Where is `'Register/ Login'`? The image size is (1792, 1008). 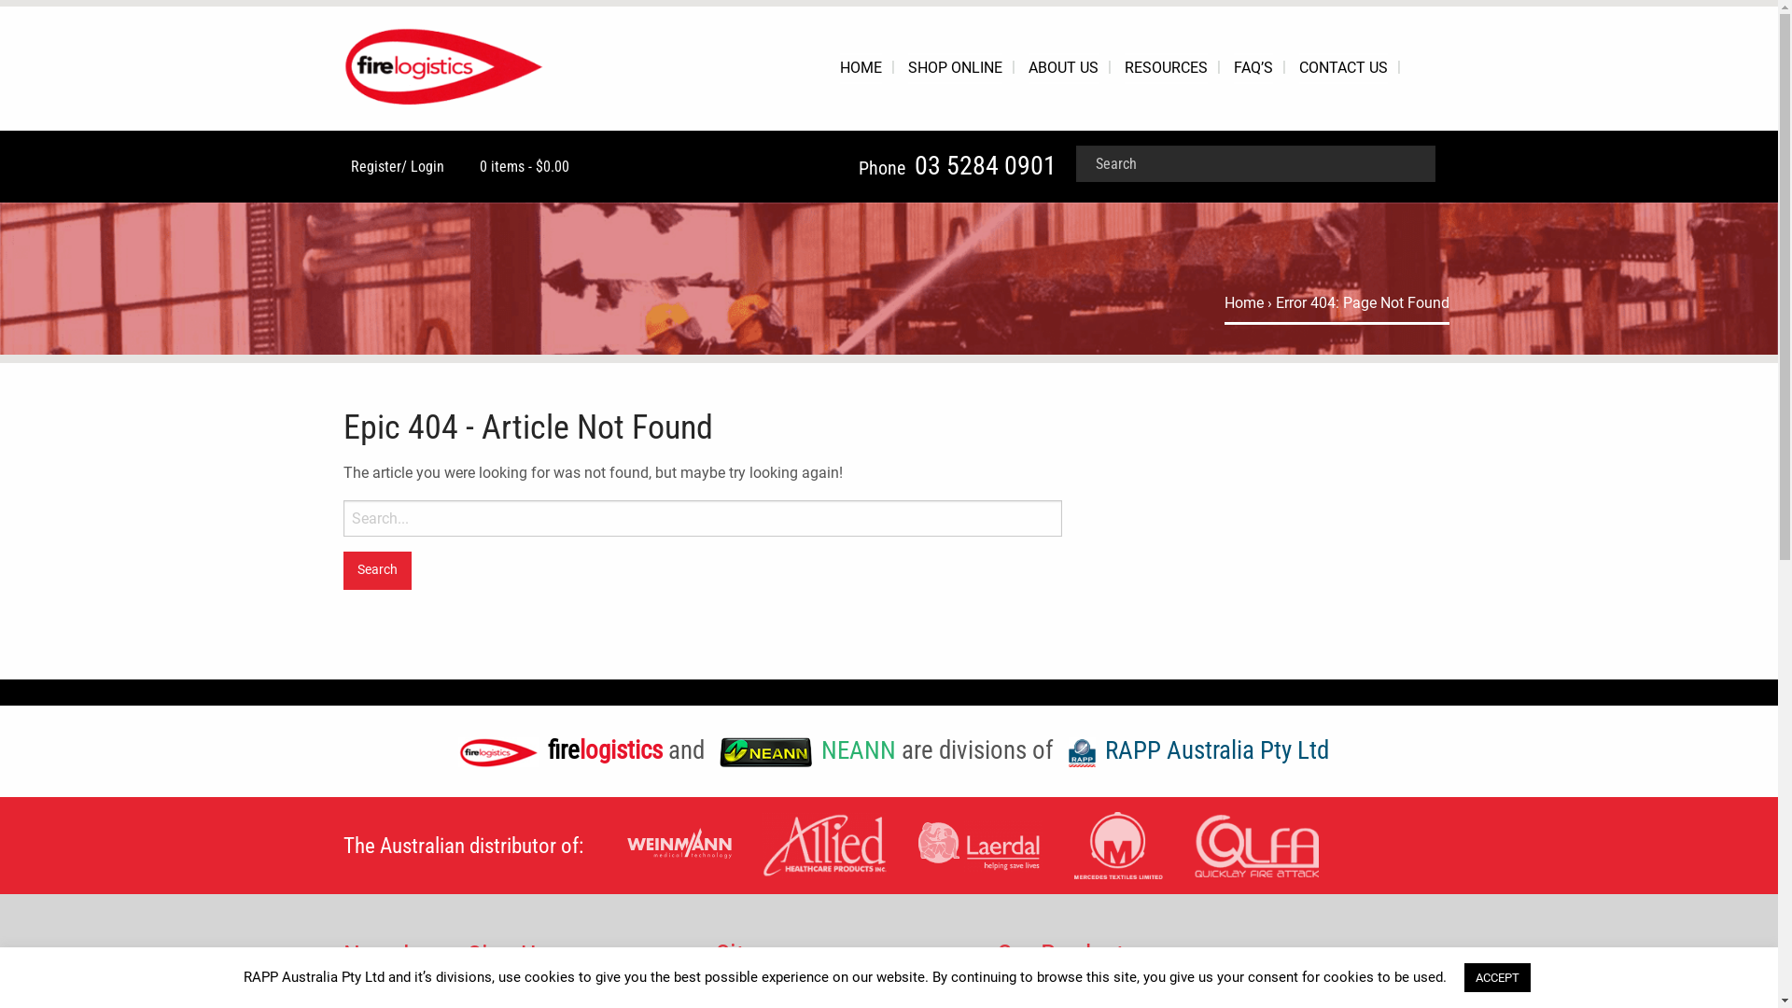 'Register/ Login' is located at coordinates (393, 165).